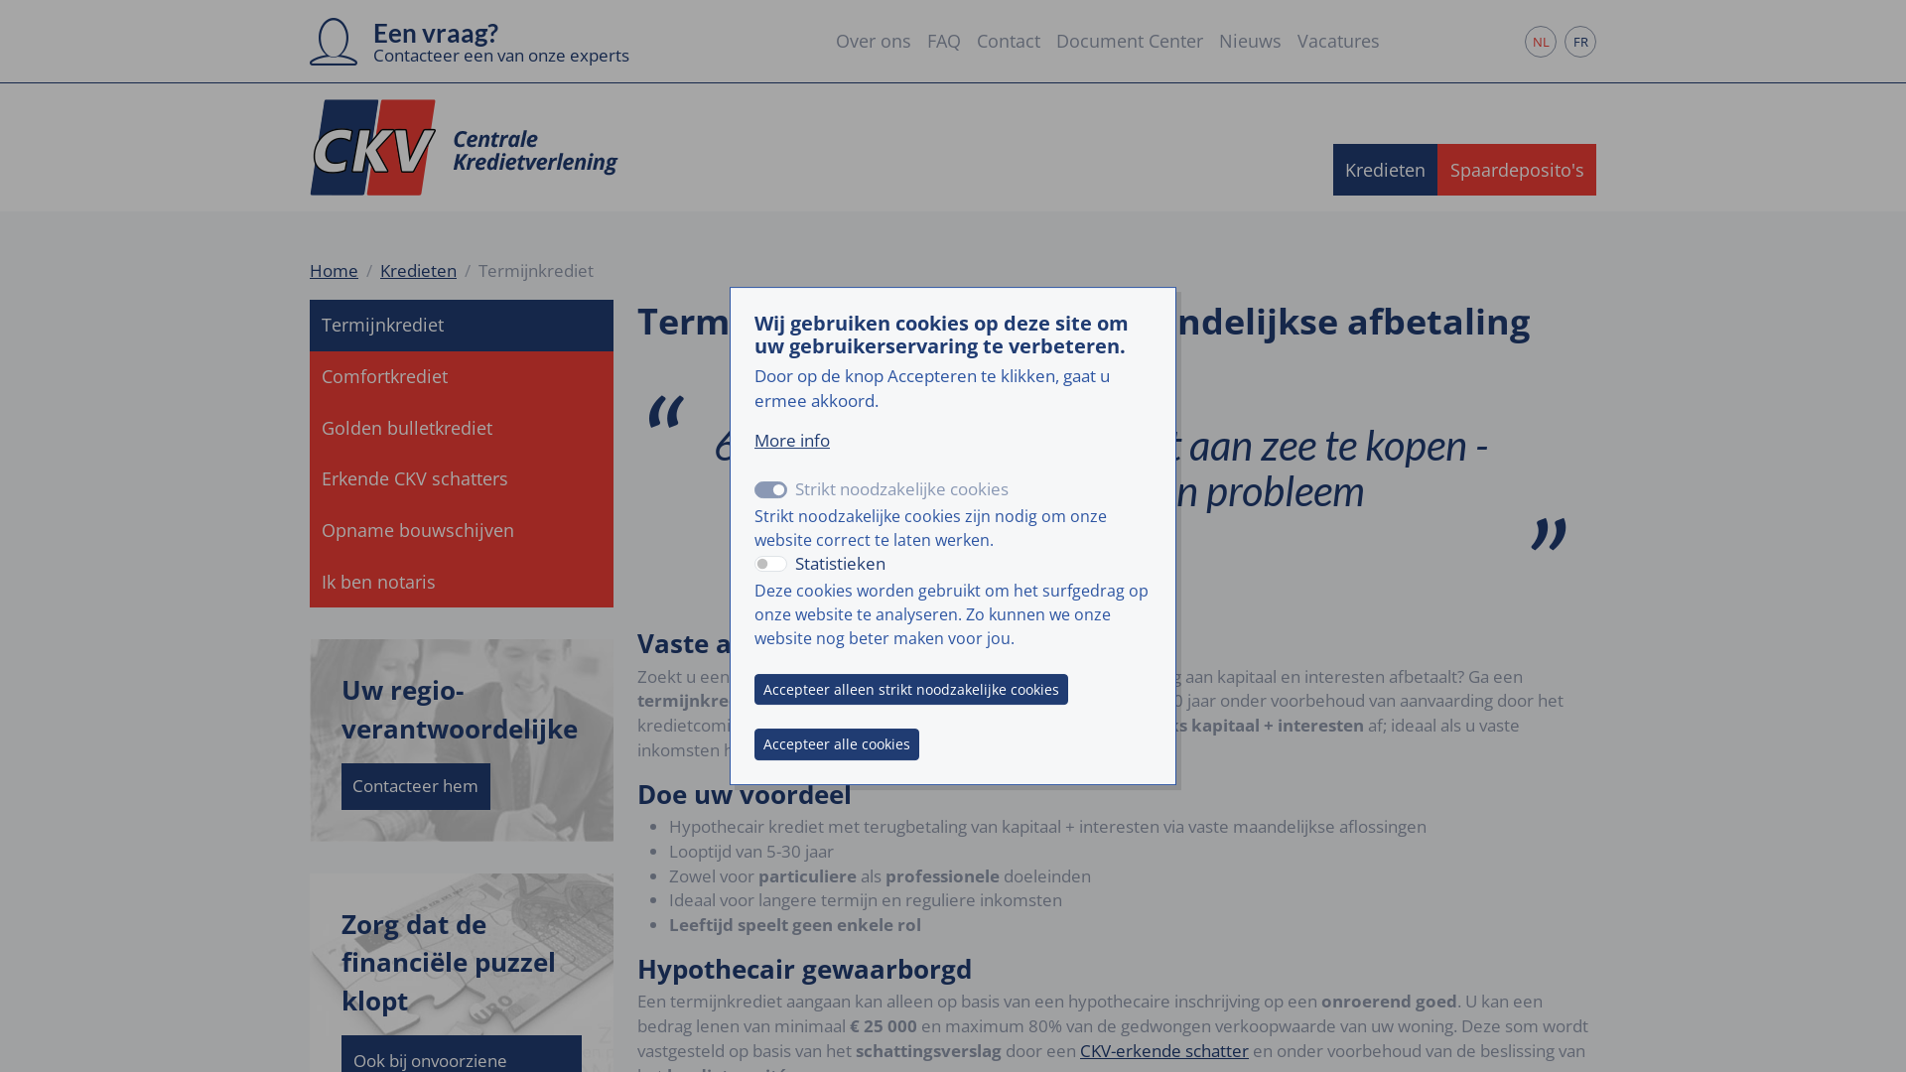 This screenshot has height=1072, width=1906. Describe the element at coordinates (1384, 168) in the screenshot. I see `'Kredieten'` at that location.